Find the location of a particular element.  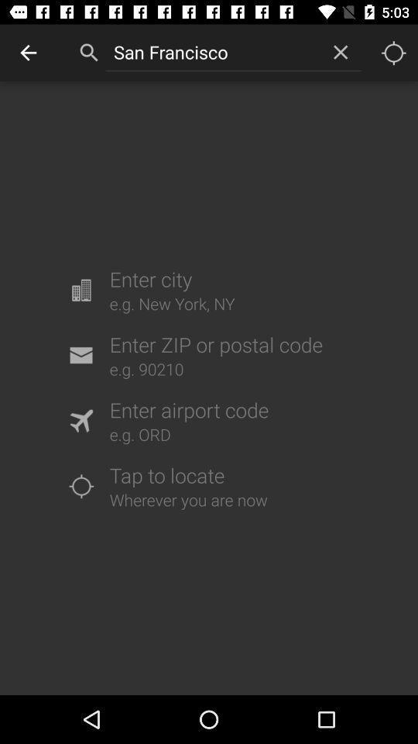

san francisco icon is located at coordinates (212, 52).